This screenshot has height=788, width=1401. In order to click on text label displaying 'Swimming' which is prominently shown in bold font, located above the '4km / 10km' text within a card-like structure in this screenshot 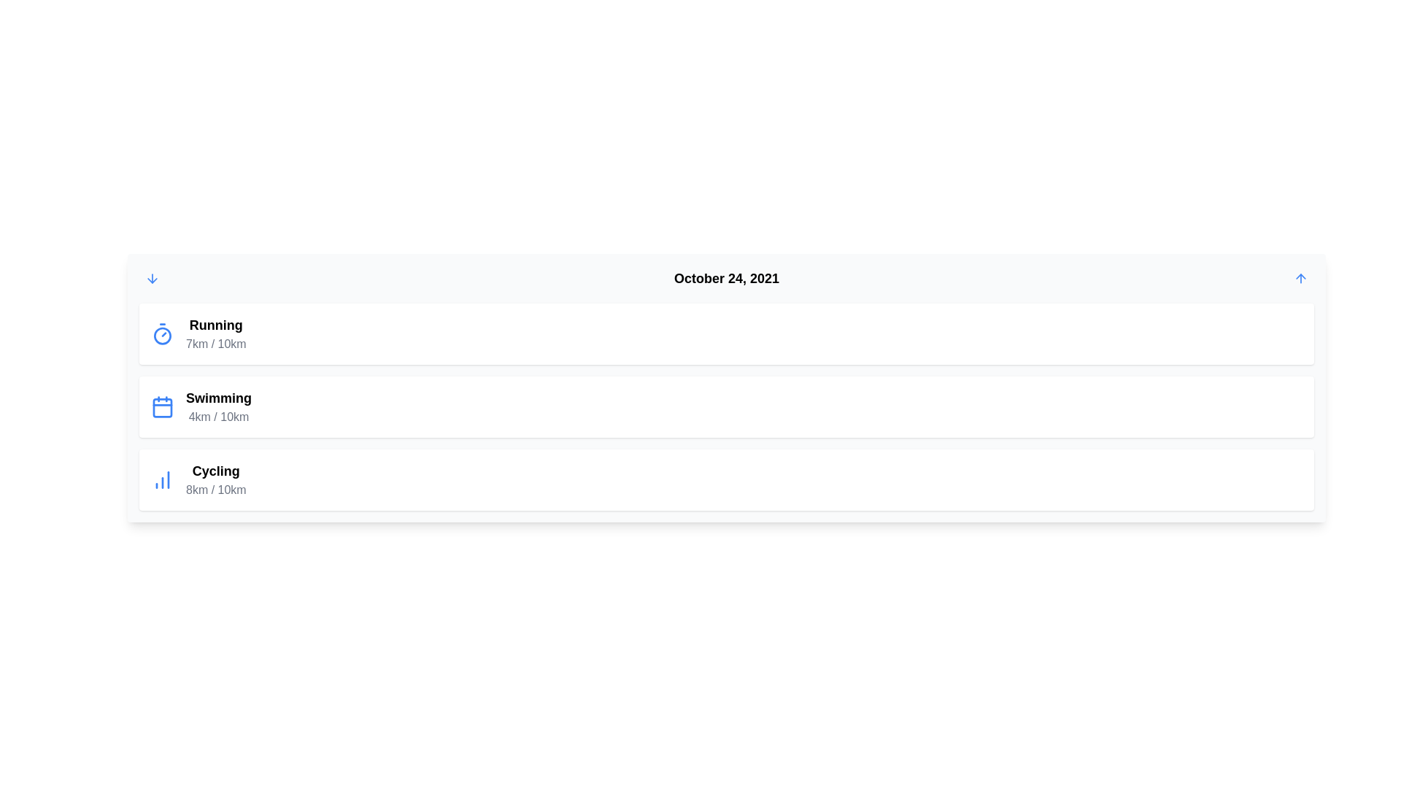, I will do `click(218, 398)`.